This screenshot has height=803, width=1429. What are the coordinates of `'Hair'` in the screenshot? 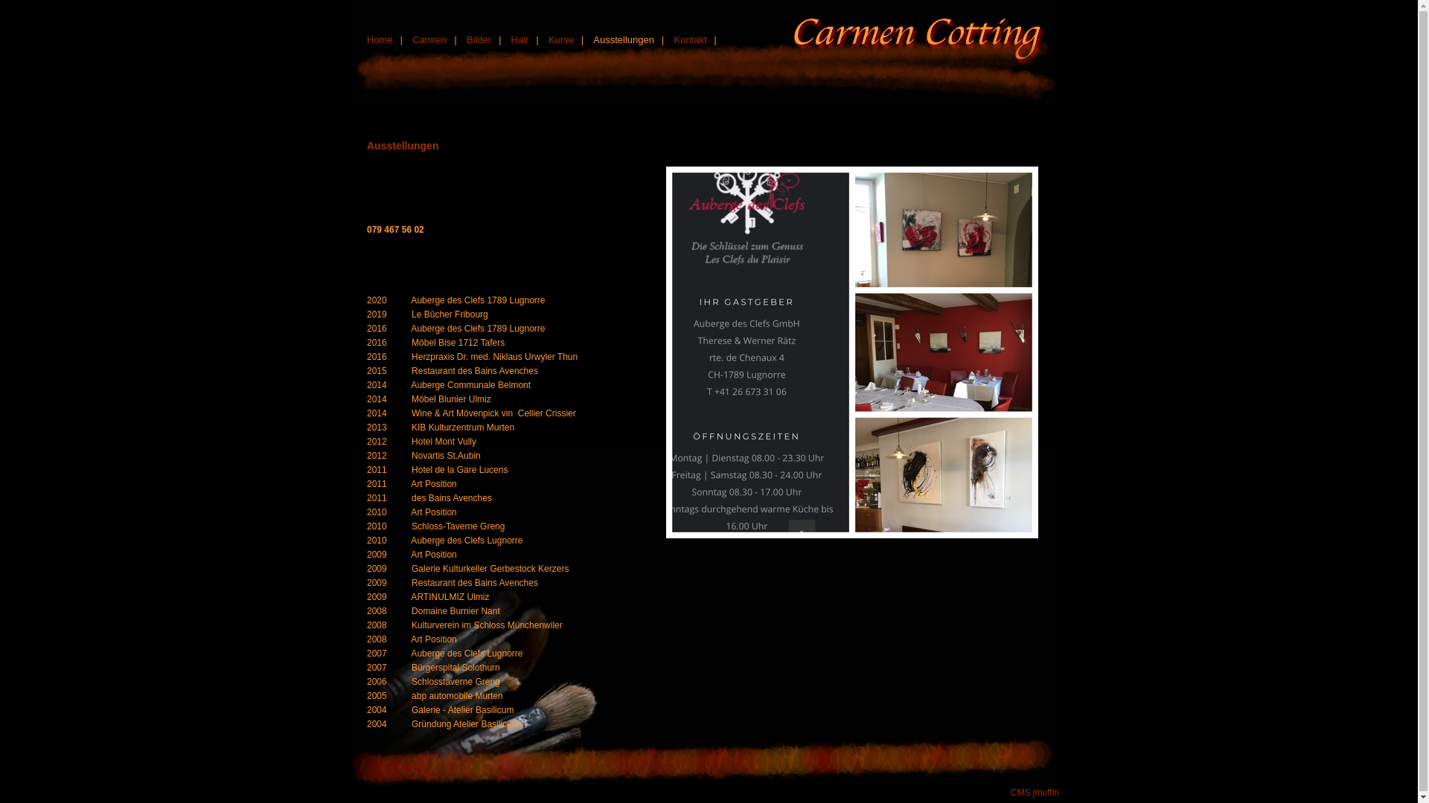 It's located at (520, 39).